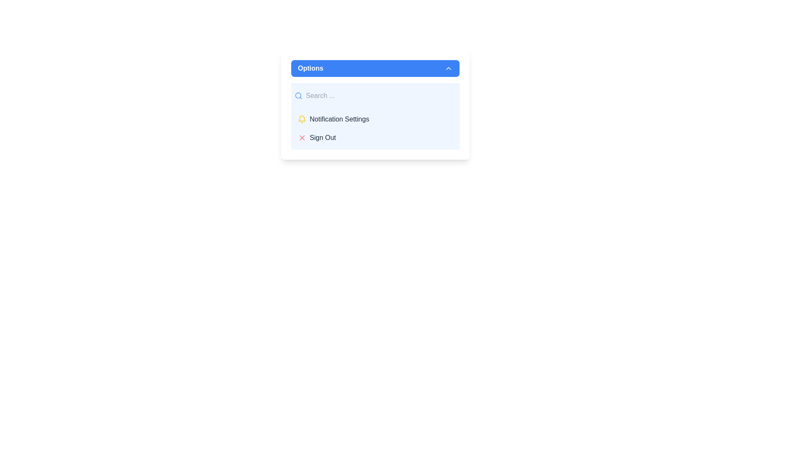  I want to click on the 'Sign Out' icon, which is located to the left of the text 'Sign Out' in the dropdown menu, so click(302, 137).